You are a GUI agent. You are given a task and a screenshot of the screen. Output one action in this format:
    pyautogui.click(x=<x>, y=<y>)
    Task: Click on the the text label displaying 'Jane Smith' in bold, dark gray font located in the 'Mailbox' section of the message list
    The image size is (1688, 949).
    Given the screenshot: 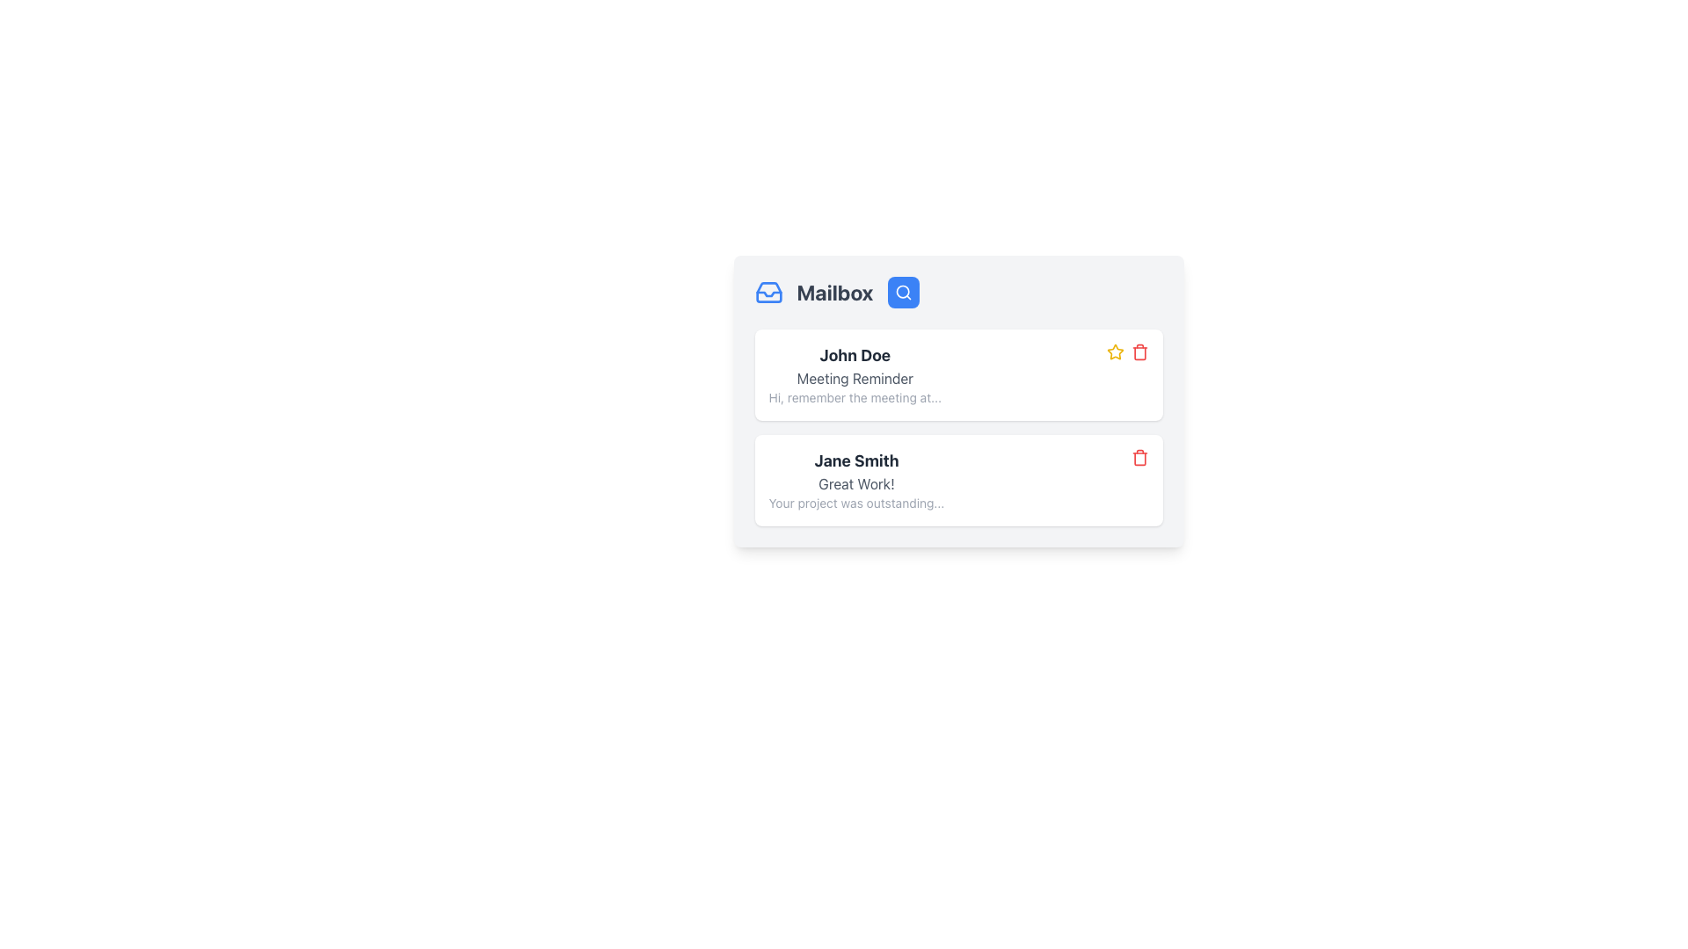 What is the action you would take?
    pyautogui.click(x=856, y=460)
    